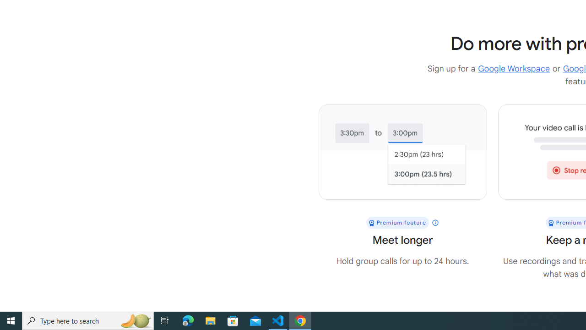 Image resolution: width=586 pixels, height=330 pixels. What do you see at coordinates (402, 223) in the screenshot?
I see `'Premium feature'` at bounding box center [402, 223].